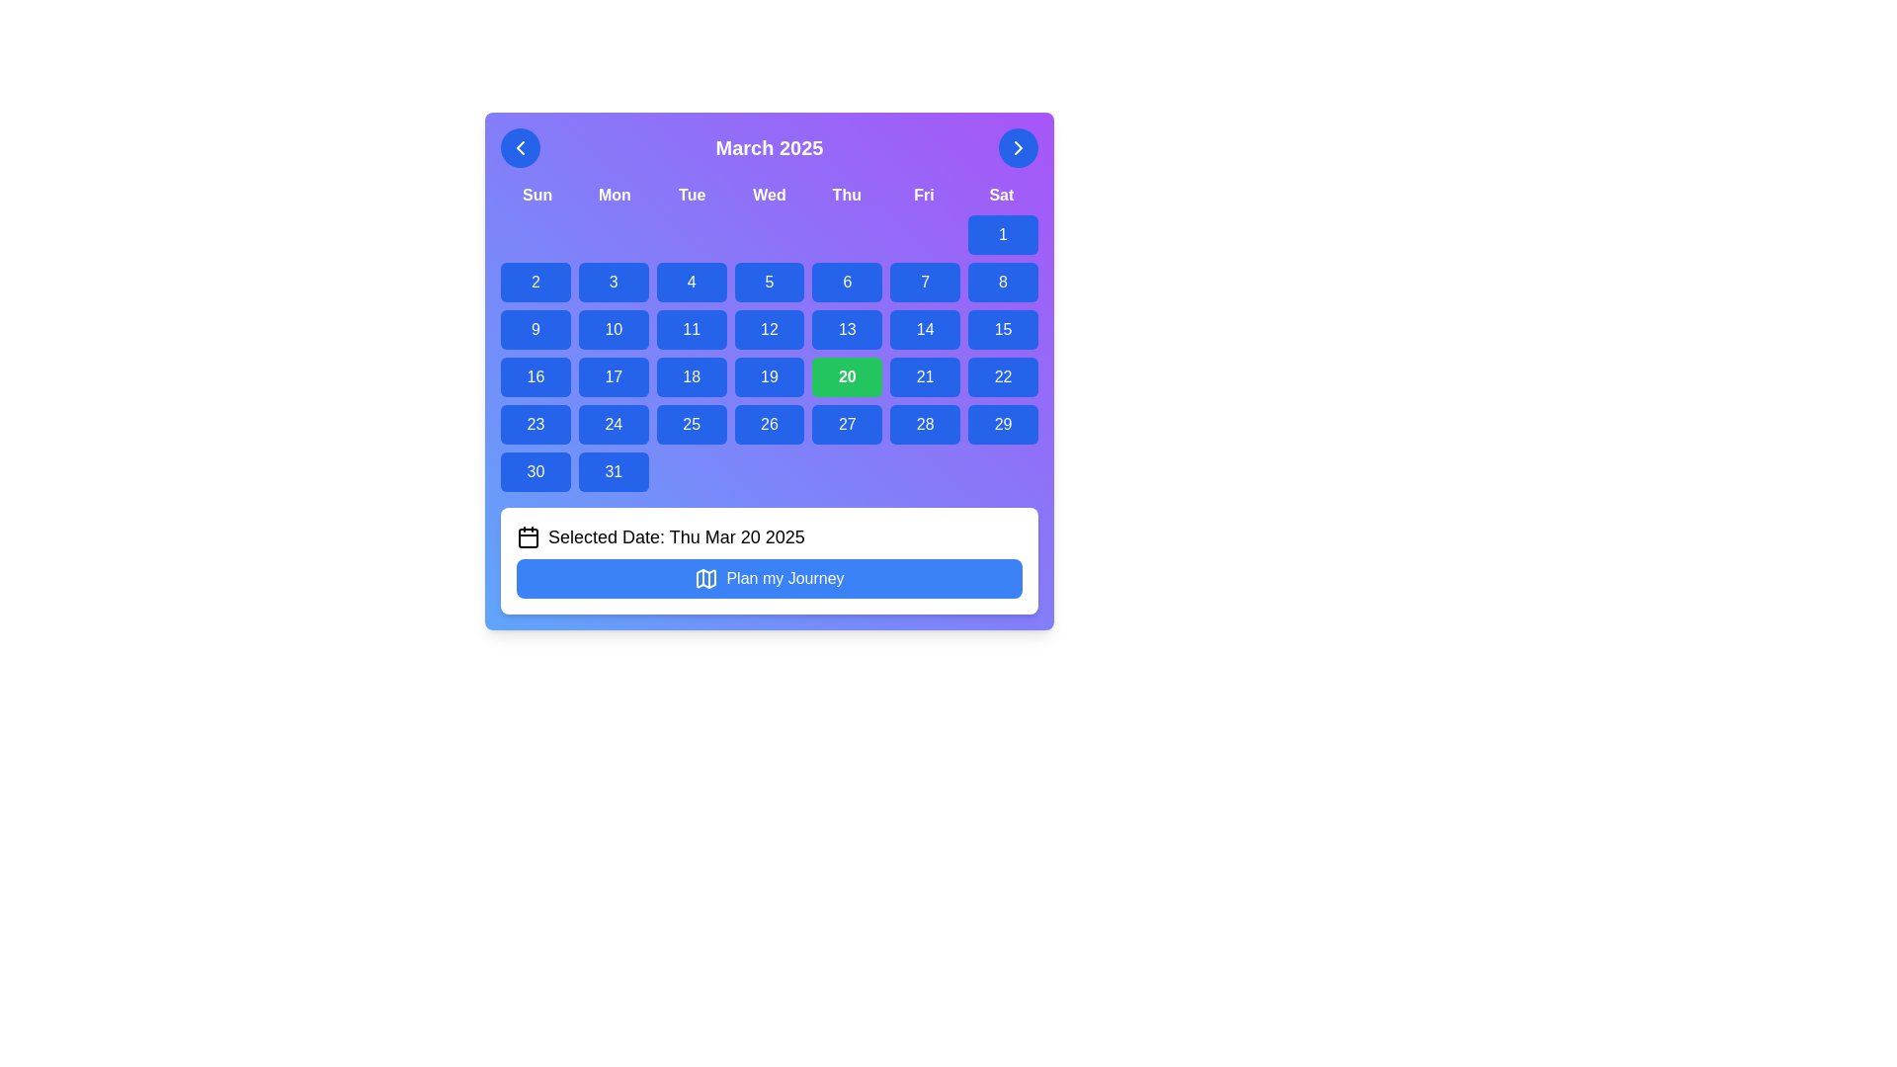 This screenshot has width=1897, height=1067. What do you see at coordinates (768, 423) in the screenshot?
I see `the button representing the 26th of the month in the calendar` at bounding box center [768, 423].